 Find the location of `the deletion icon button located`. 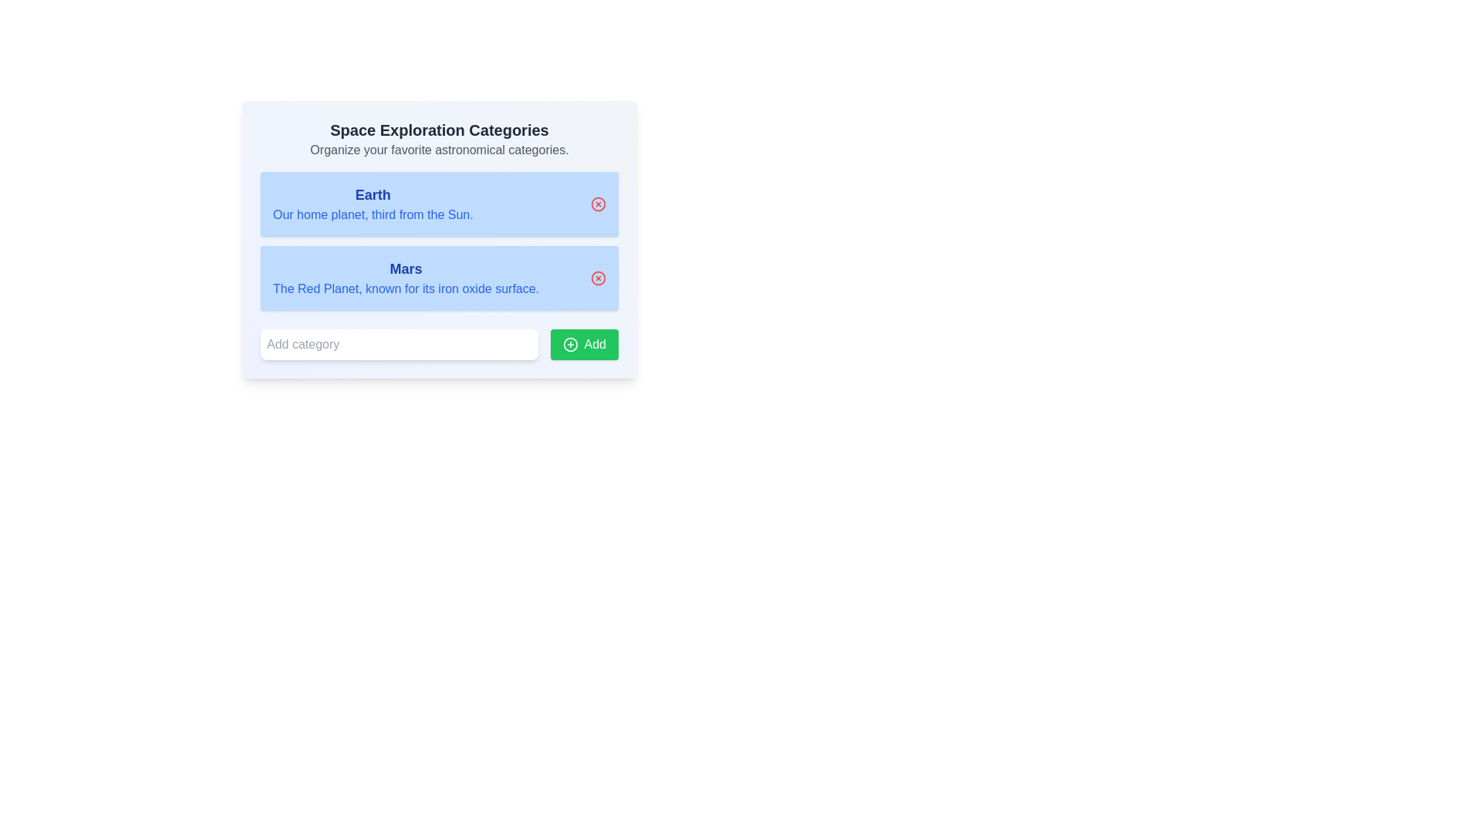

the deletion icon button located is located at coordinates (598, 204).